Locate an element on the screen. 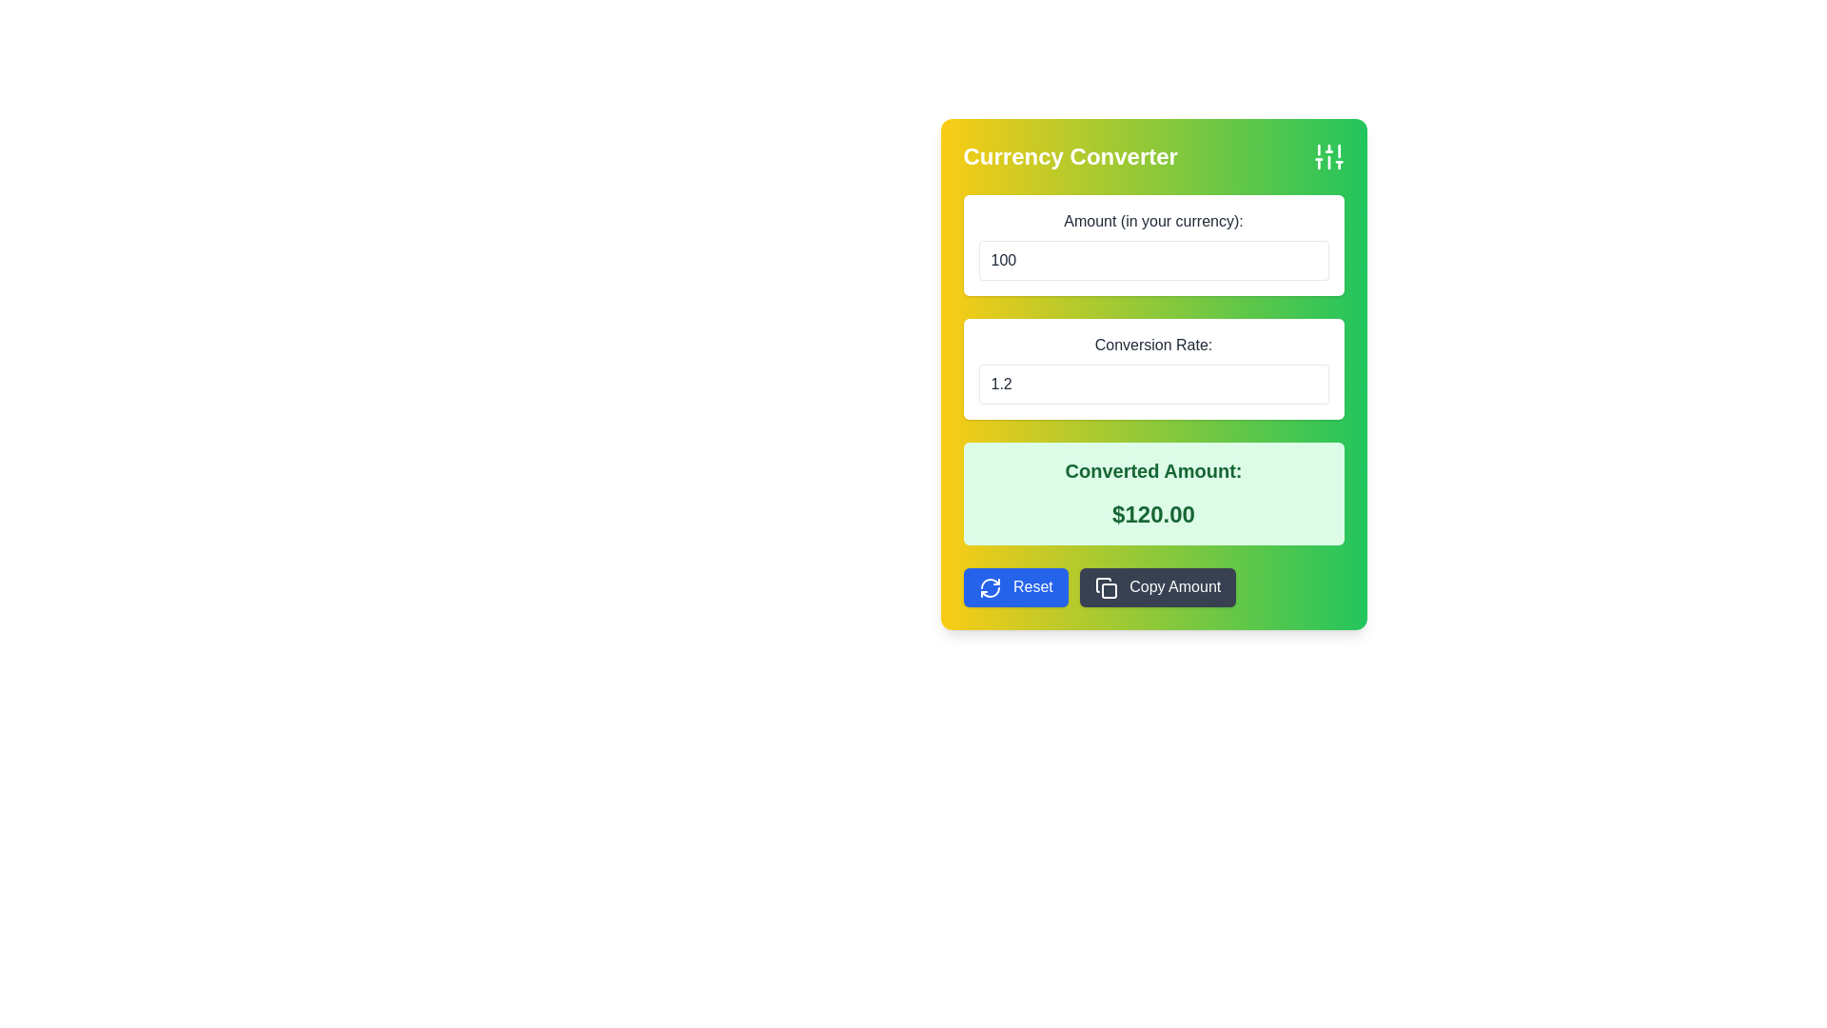 This screenshot has width=1827, height=1028. the Text Header that indicates the purpose of the interface for currency conversion, located at the top-left corner of the section is located at coordinates (1071, 156).